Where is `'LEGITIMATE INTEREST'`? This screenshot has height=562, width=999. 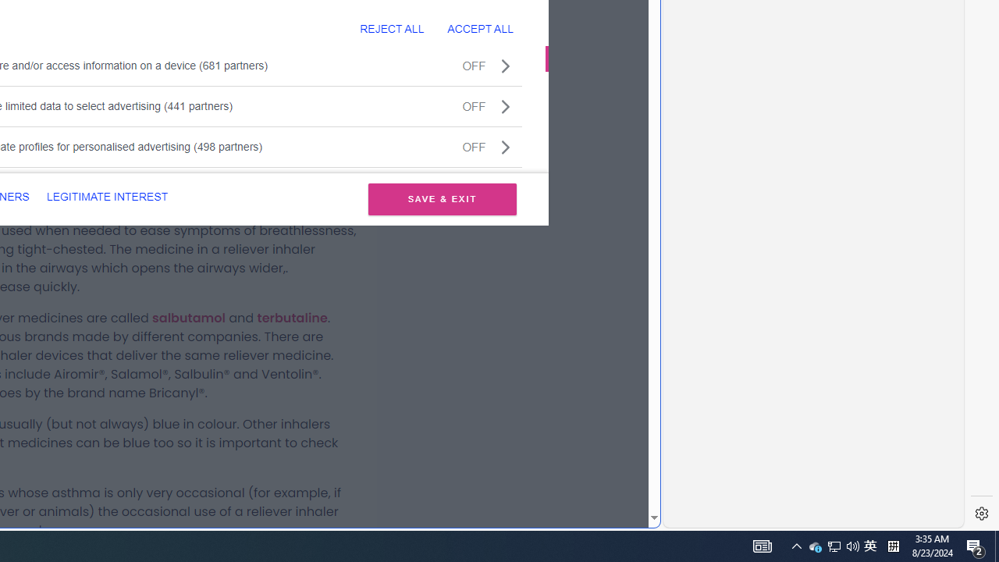 'LEGITIMATE INTEREST' is located at coordinates (106, 195).